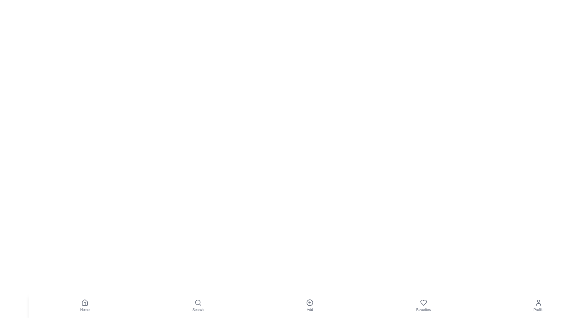  Describe the element at coordinates (538, 305) in the screenshot. I see `the 'Profile' button, which features a user avatar icon and is located at the far right of the navigation bar` at that location.